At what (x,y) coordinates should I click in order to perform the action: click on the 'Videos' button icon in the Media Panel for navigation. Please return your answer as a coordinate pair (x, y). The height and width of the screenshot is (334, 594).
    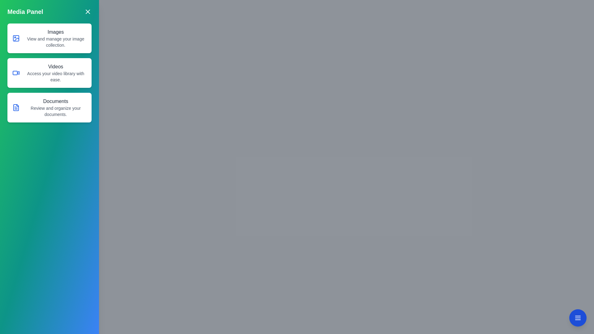
    Looking at the image, I should click on (15, 72).